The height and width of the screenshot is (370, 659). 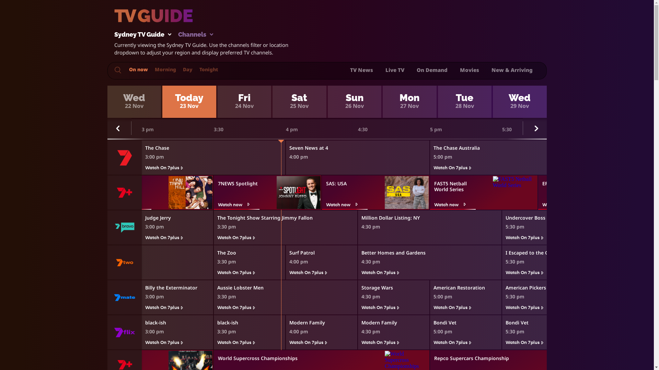 I want to click on 'Sat, so click(x=299, y=102).